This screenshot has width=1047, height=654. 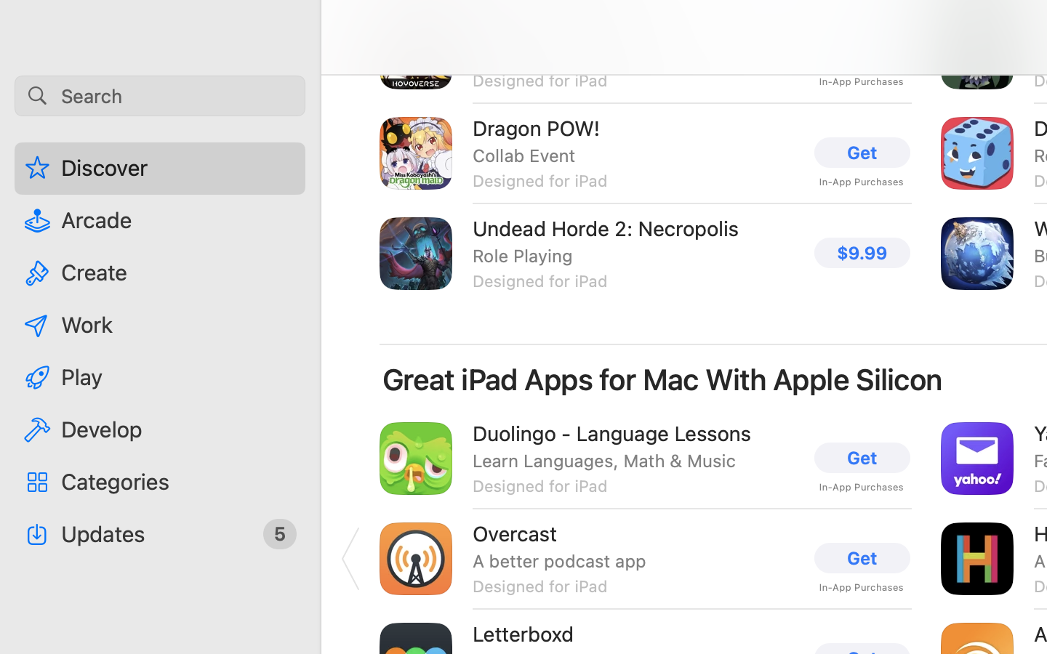 I want to click on 'Great iPad Apps for Mac With Apple Silicon', so click(x=662, y=379).